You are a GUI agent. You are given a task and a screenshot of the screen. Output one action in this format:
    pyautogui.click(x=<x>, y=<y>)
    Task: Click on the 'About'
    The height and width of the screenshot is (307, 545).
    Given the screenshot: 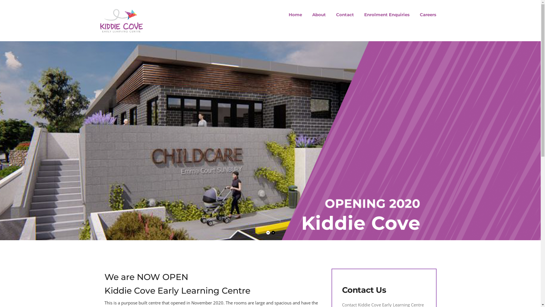 What is the action you would take?
    pyautogui.click(x=319, y=14)
    